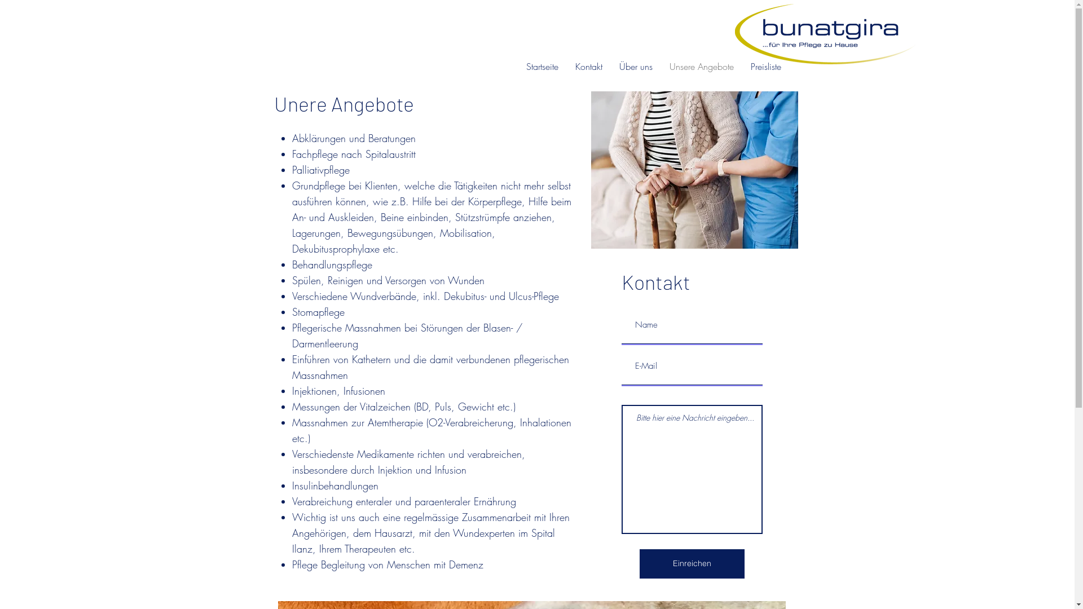 This screenshot has height=609, width=1083. Describe the element at coordinates (766, 67) in the screenshot. I see `'Preisliste'` at that location.